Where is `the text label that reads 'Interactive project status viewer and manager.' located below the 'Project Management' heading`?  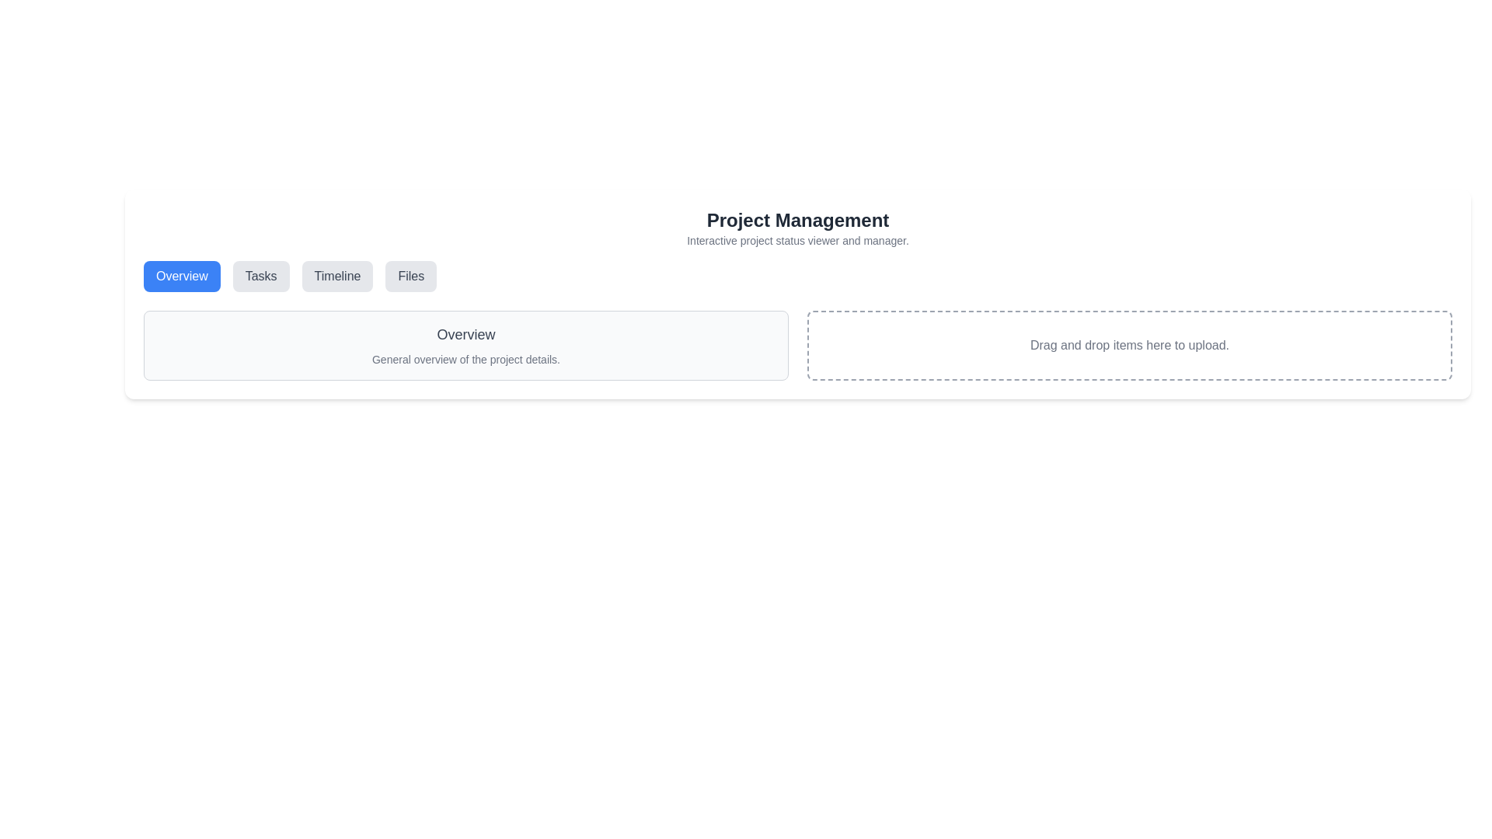
the text label that reads 'Interactive project status viewer and manager.' located below the 'Project Management' heading is located at coordinates (798, 240).